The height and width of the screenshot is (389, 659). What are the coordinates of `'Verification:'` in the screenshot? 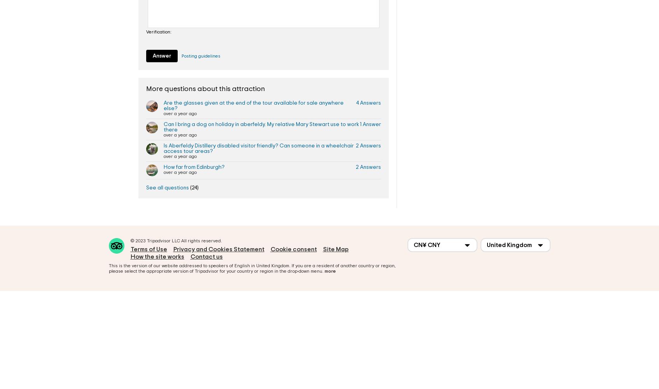 It's located at (159, 31).